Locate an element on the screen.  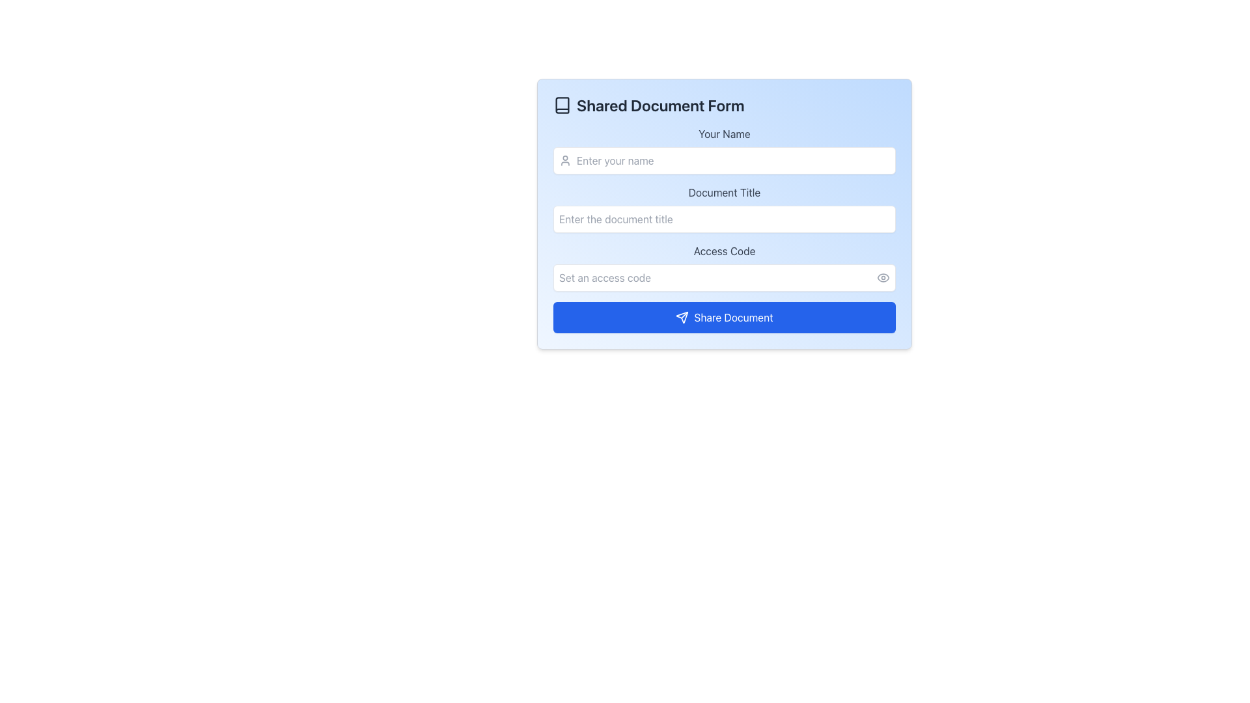
the input field for the access code to focus for text input, located centrally in the form interface beneath the 'Document Title' section is located at coordinates (724, 267).